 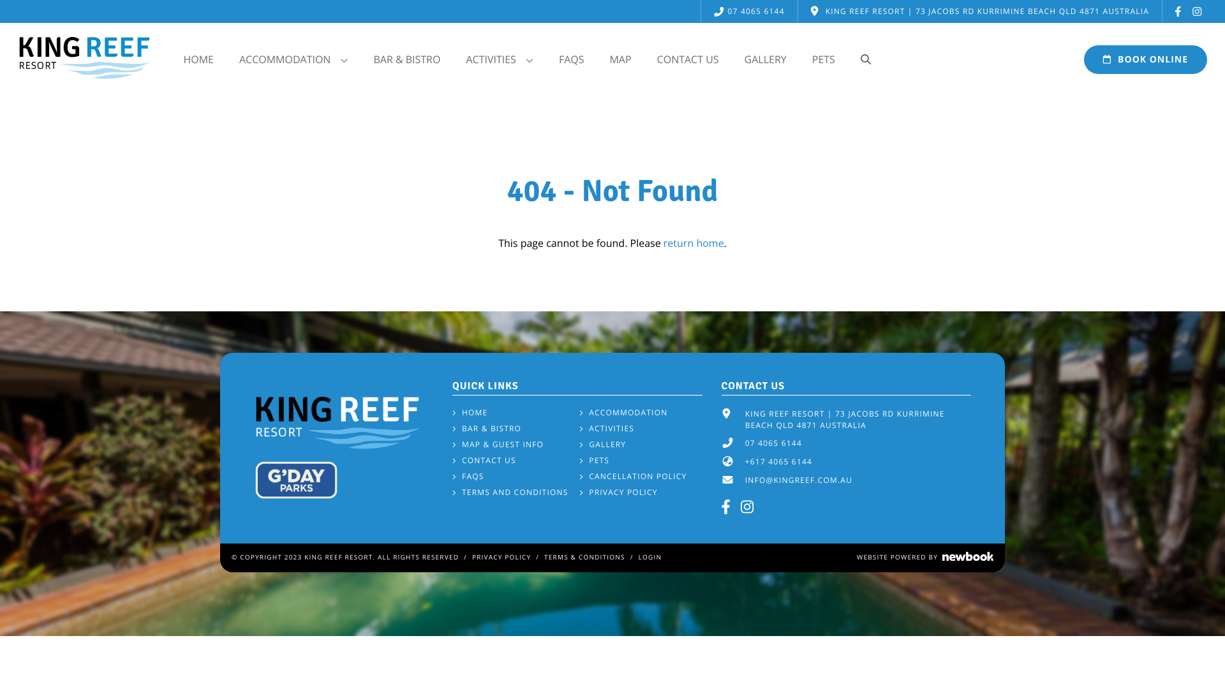 What do you see at coordinates (226, 59) in the screenshot?
I see `'ACCOMMODATION'` at bounding box center [226, 59].